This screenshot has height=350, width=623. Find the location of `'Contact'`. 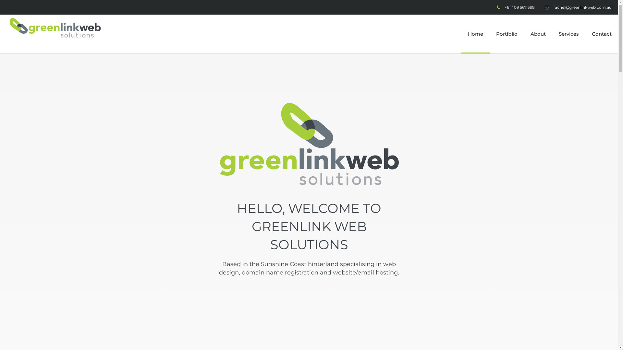

'Contact' is located at coordinates (601, 34).